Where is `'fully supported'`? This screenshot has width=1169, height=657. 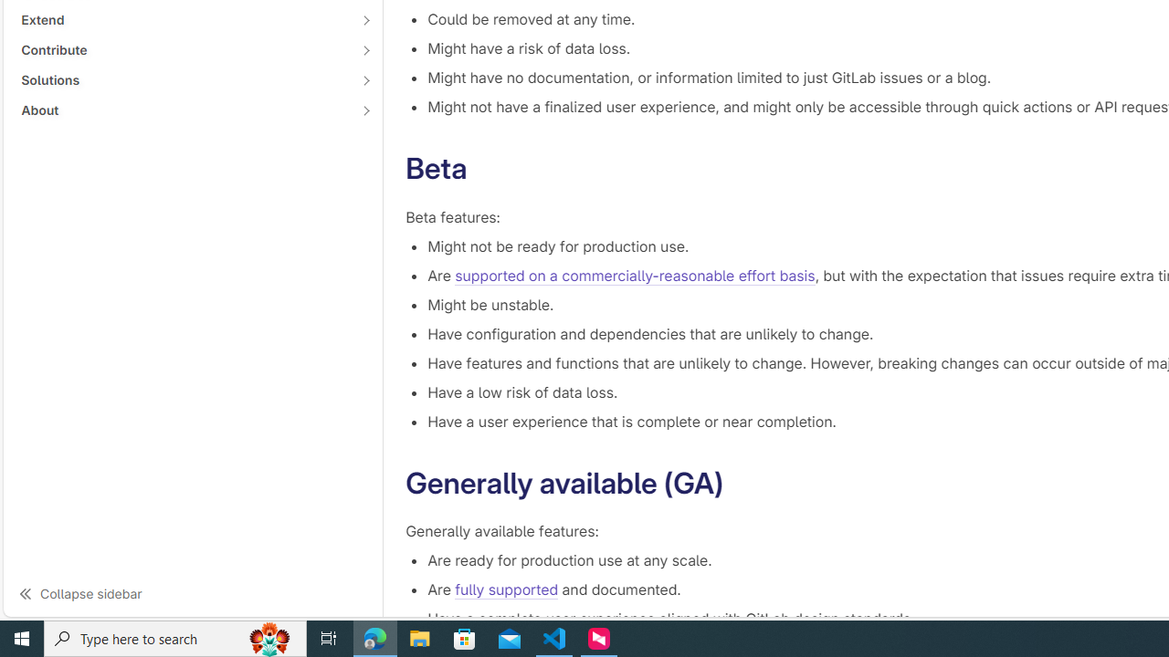 'fully supported' is located at coordinates (506, 589).